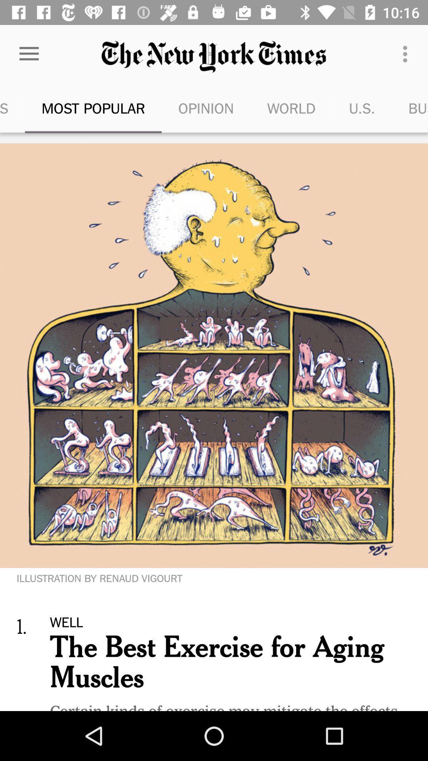 This screenshot has width=428, height=761. I want to click on the icon above top stories, so click(29, 54).